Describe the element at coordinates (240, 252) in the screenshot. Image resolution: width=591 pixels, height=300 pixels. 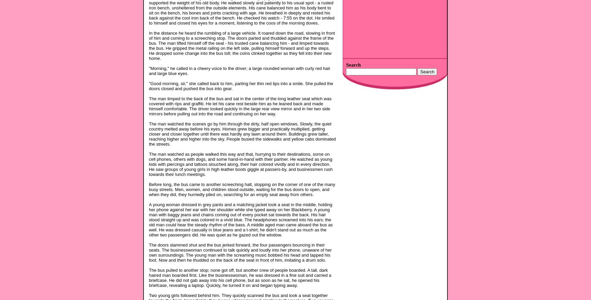
I see `'The doors slammed shut and the bus jerked forward, the four passengers bouncing in their seats. The businesswoman continued to talk quickly and loudly into her phone, unaware of her own surroundings. The young man with the screaming music bobbed his head and tapped his foot. Now and then he thudded on the back of the seat in front of him, imitating a drum solo.'` at that location.